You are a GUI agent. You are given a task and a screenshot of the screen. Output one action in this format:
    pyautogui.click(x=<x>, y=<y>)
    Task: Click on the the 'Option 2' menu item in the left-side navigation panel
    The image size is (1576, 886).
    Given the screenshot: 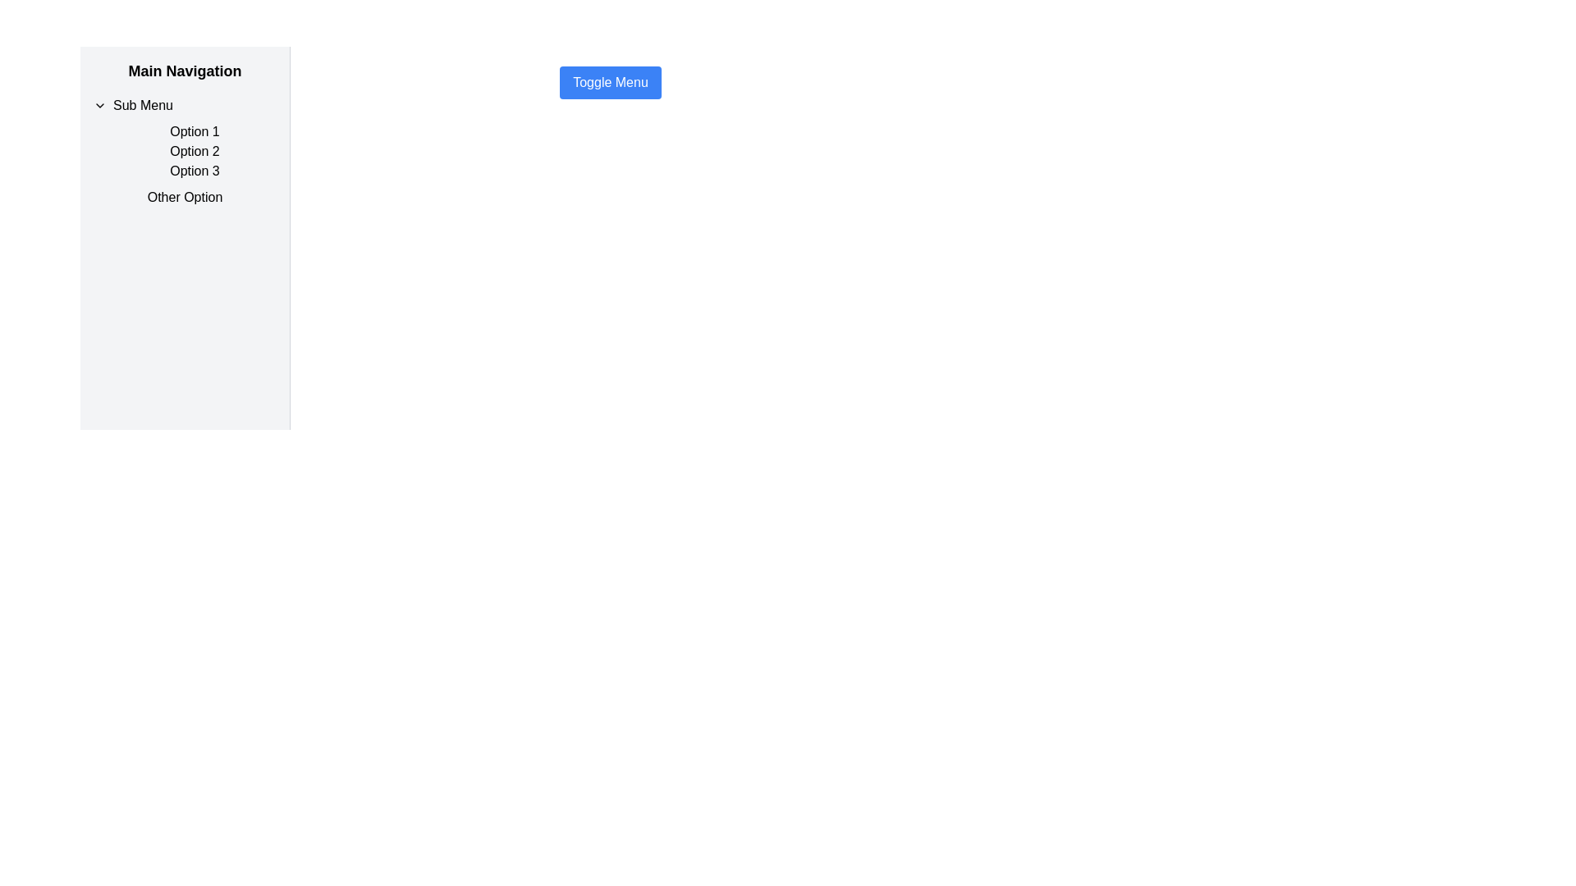 What is the action you would take?
    pyautogui.click(x=185, y=152)
    